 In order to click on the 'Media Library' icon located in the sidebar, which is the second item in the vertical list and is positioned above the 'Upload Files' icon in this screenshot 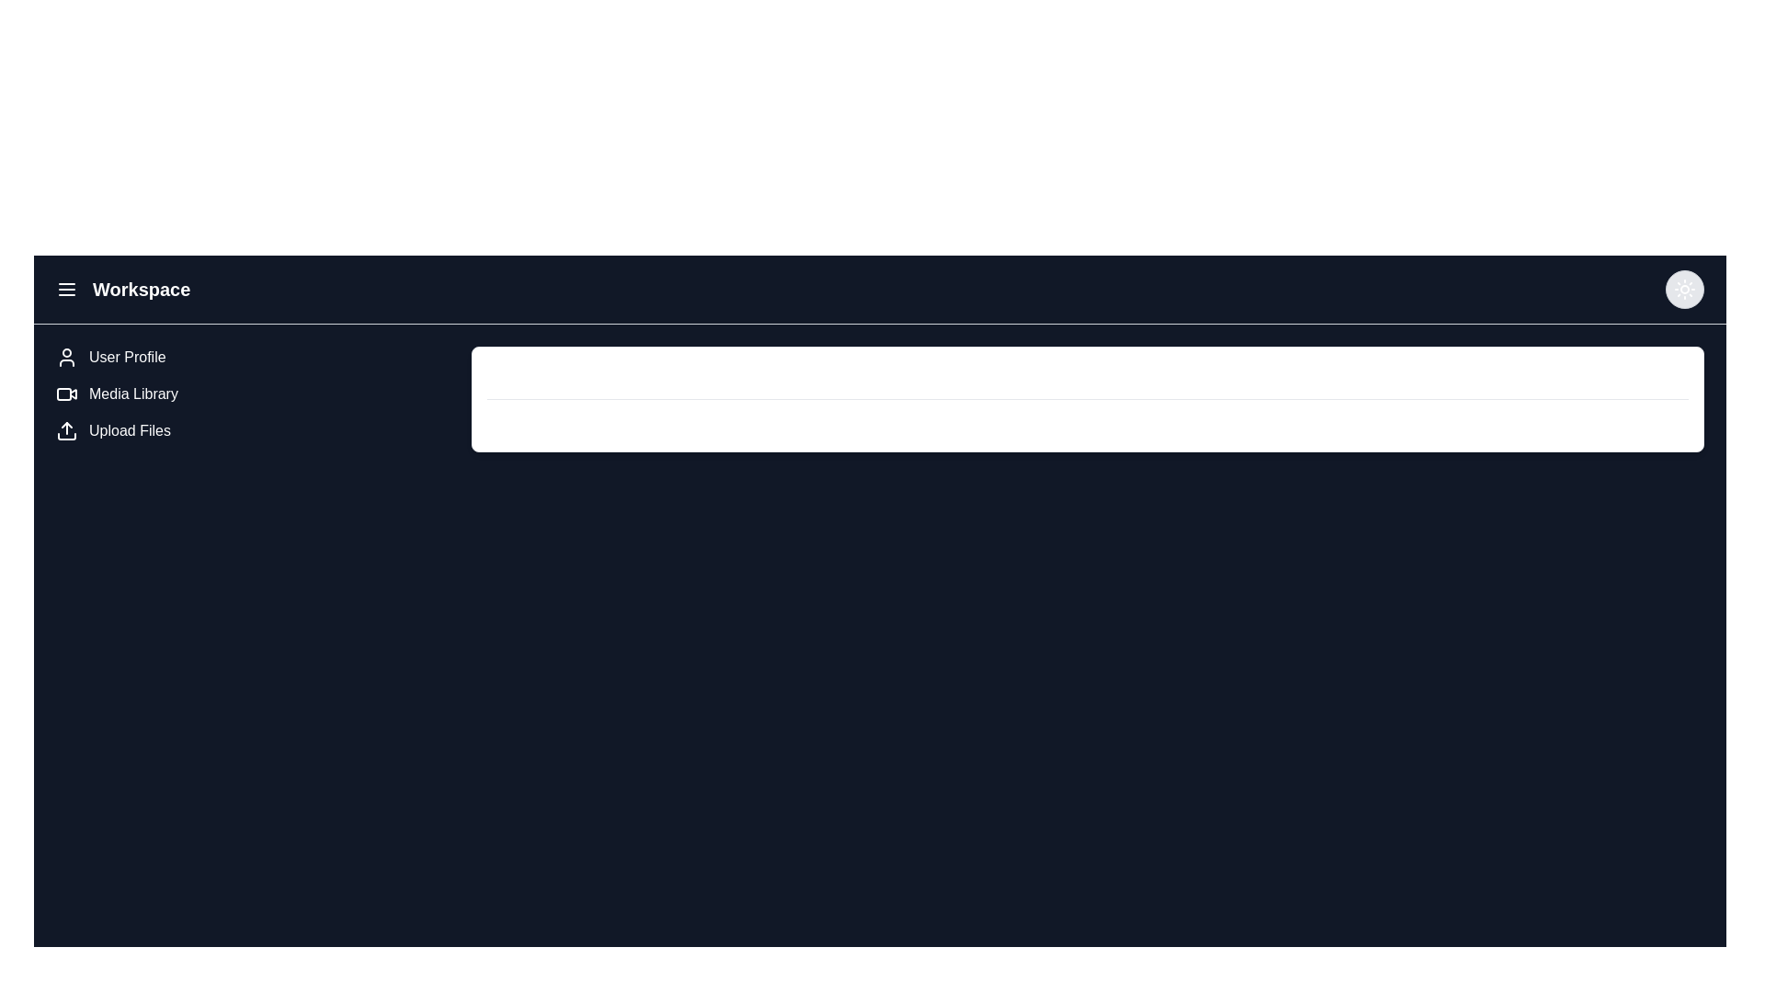, I will do `click(66, 393)`.